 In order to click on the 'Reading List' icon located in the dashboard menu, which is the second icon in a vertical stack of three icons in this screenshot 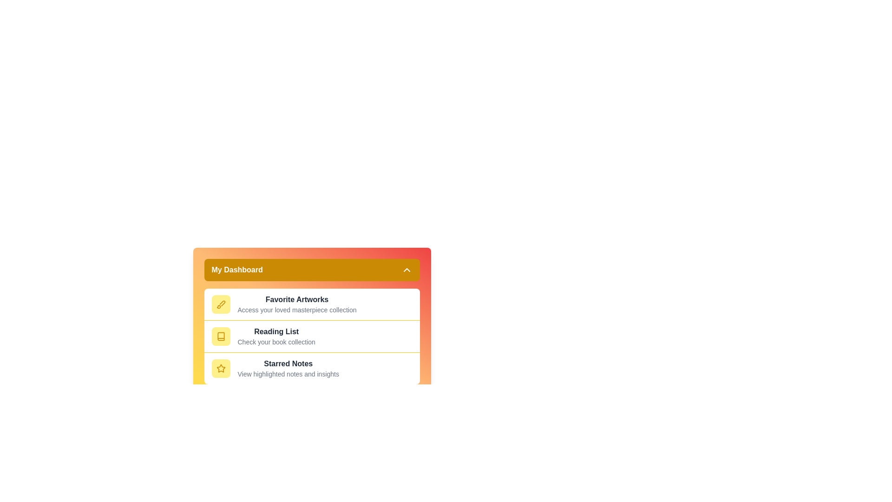, I will do `click(220, 337)`.